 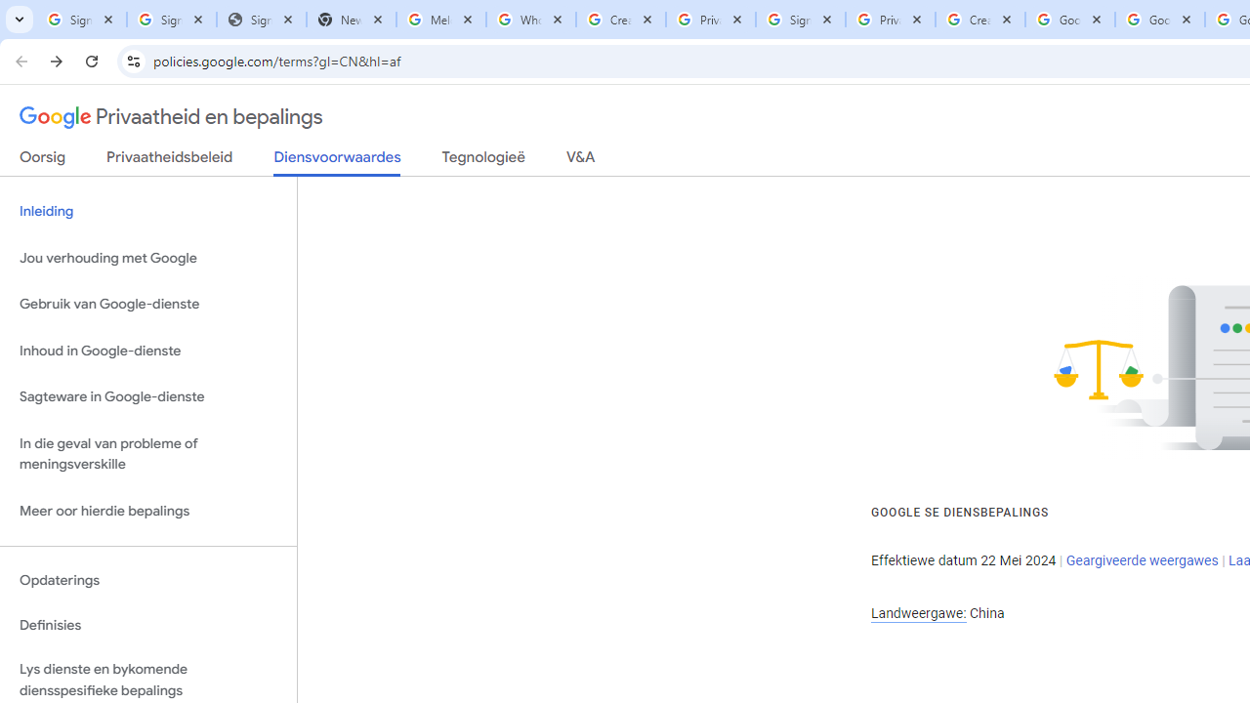 I want to click on 'Who is my administrator? - Google Account Help', so click(x=531, y=20).